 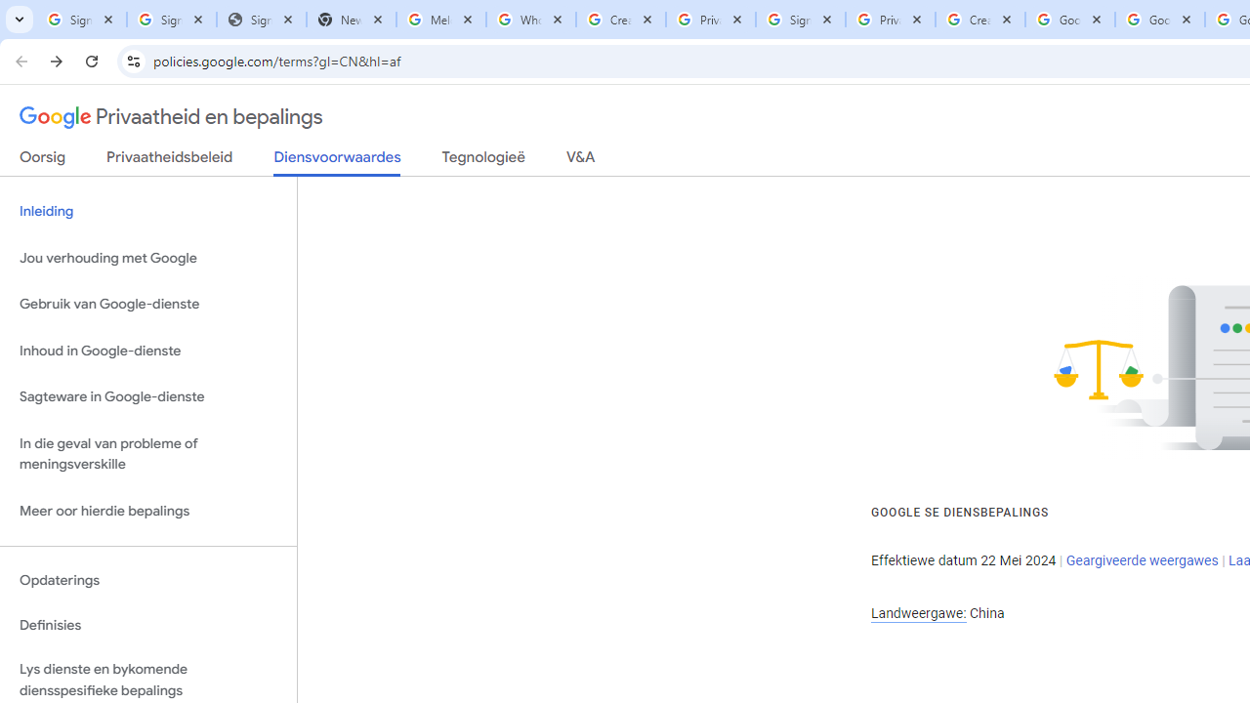 I want to click on 'Who is my administrator? - Google Account Help', so click(x=531, y=20).